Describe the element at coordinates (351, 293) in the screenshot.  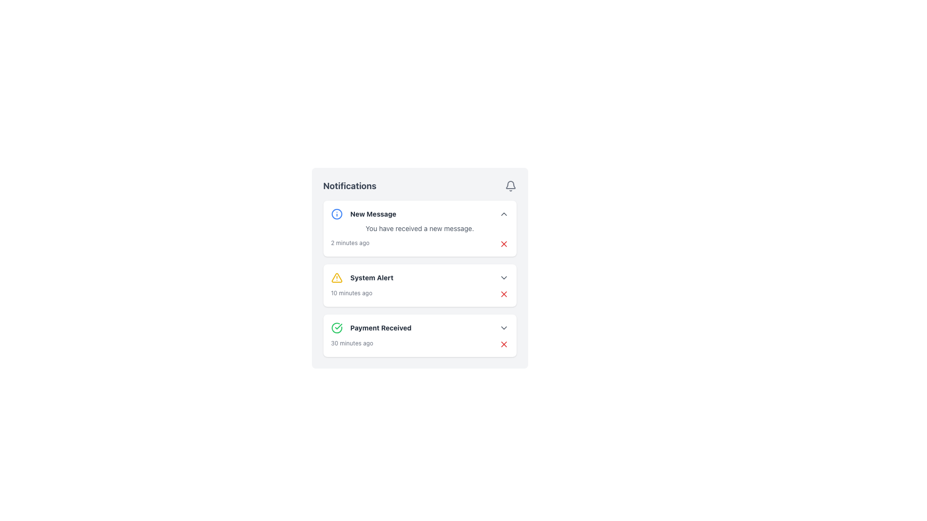
I see `the timestamp text label located in the notification panel under the 'System Alert' title` at that location.